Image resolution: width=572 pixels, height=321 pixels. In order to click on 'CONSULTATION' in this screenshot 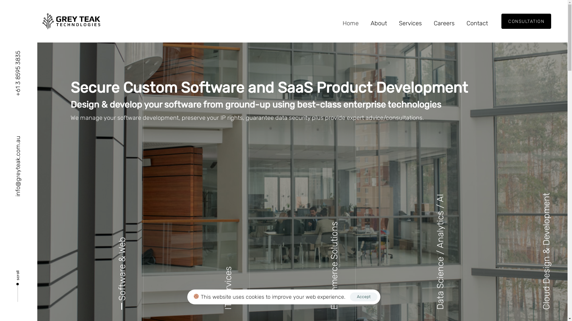, I will do `click(526, 21)`.